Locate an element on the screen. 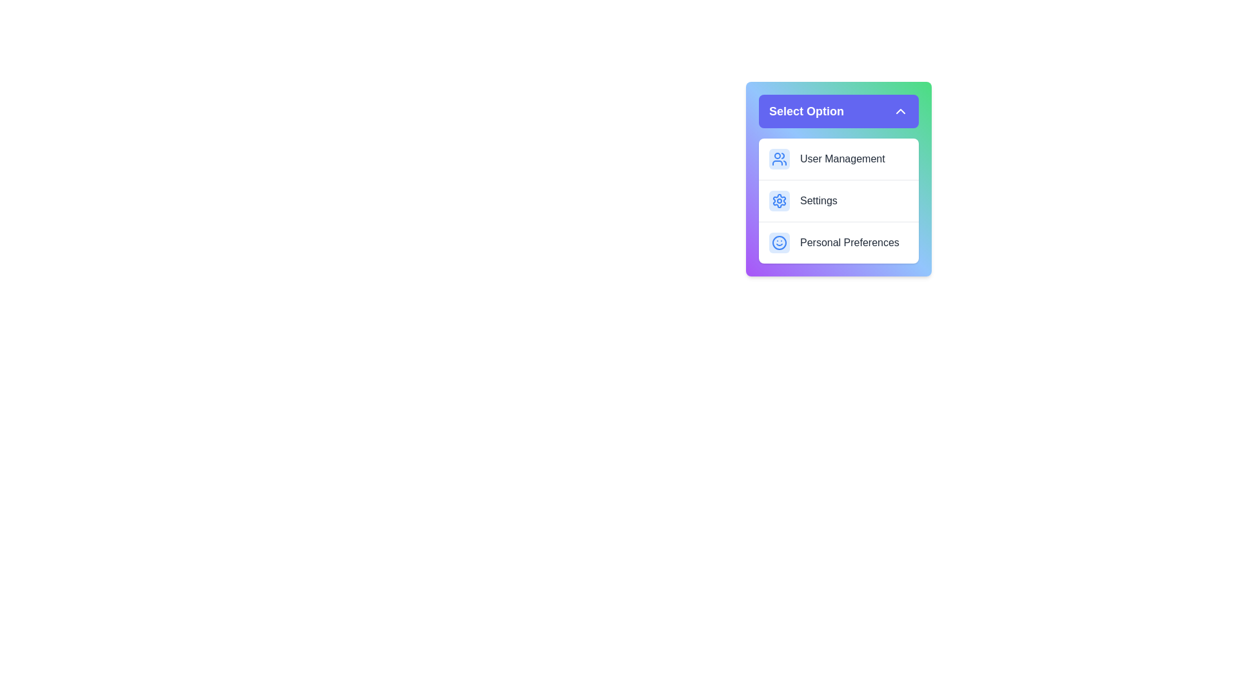  the blue icon featuring two human figures in line art, located in the first entry under 'User Management' is located at coordinates (779, 158).